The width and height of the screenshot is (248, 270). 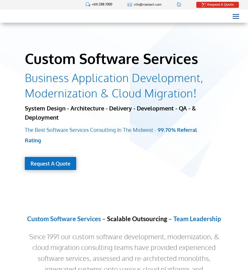 I want to click on 'Business Application Development, Modernization & Cloud Migration!', so click(x=114, y=85).